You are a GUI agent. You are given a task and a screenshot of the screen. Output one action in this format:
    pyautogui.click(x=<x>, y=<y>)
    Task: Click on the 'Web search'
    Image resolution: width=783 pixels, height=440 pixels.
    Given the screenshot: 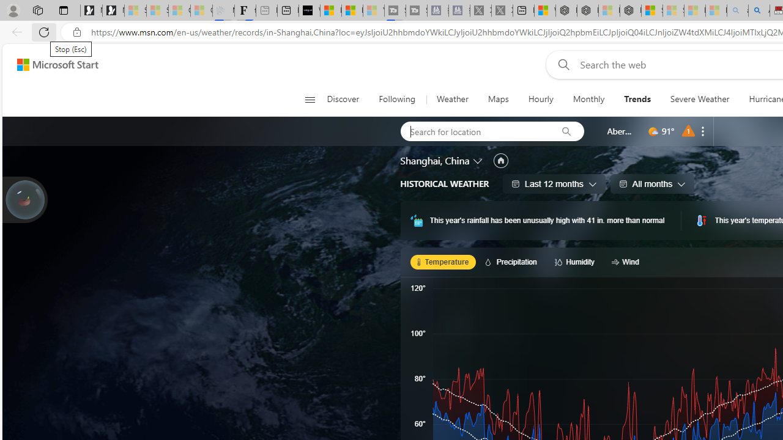 What is the action you would take?
    pyautogui.click(x=560, y=64)
    